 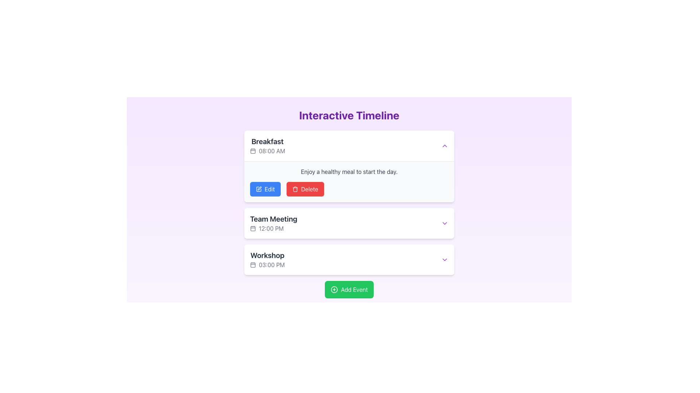 I want to click on the downward-pointing chevron icon styled in purple hues at the far right end of the white rectangular card labeled 'Workshop 03:00 PM', so click(x=444, y=259).